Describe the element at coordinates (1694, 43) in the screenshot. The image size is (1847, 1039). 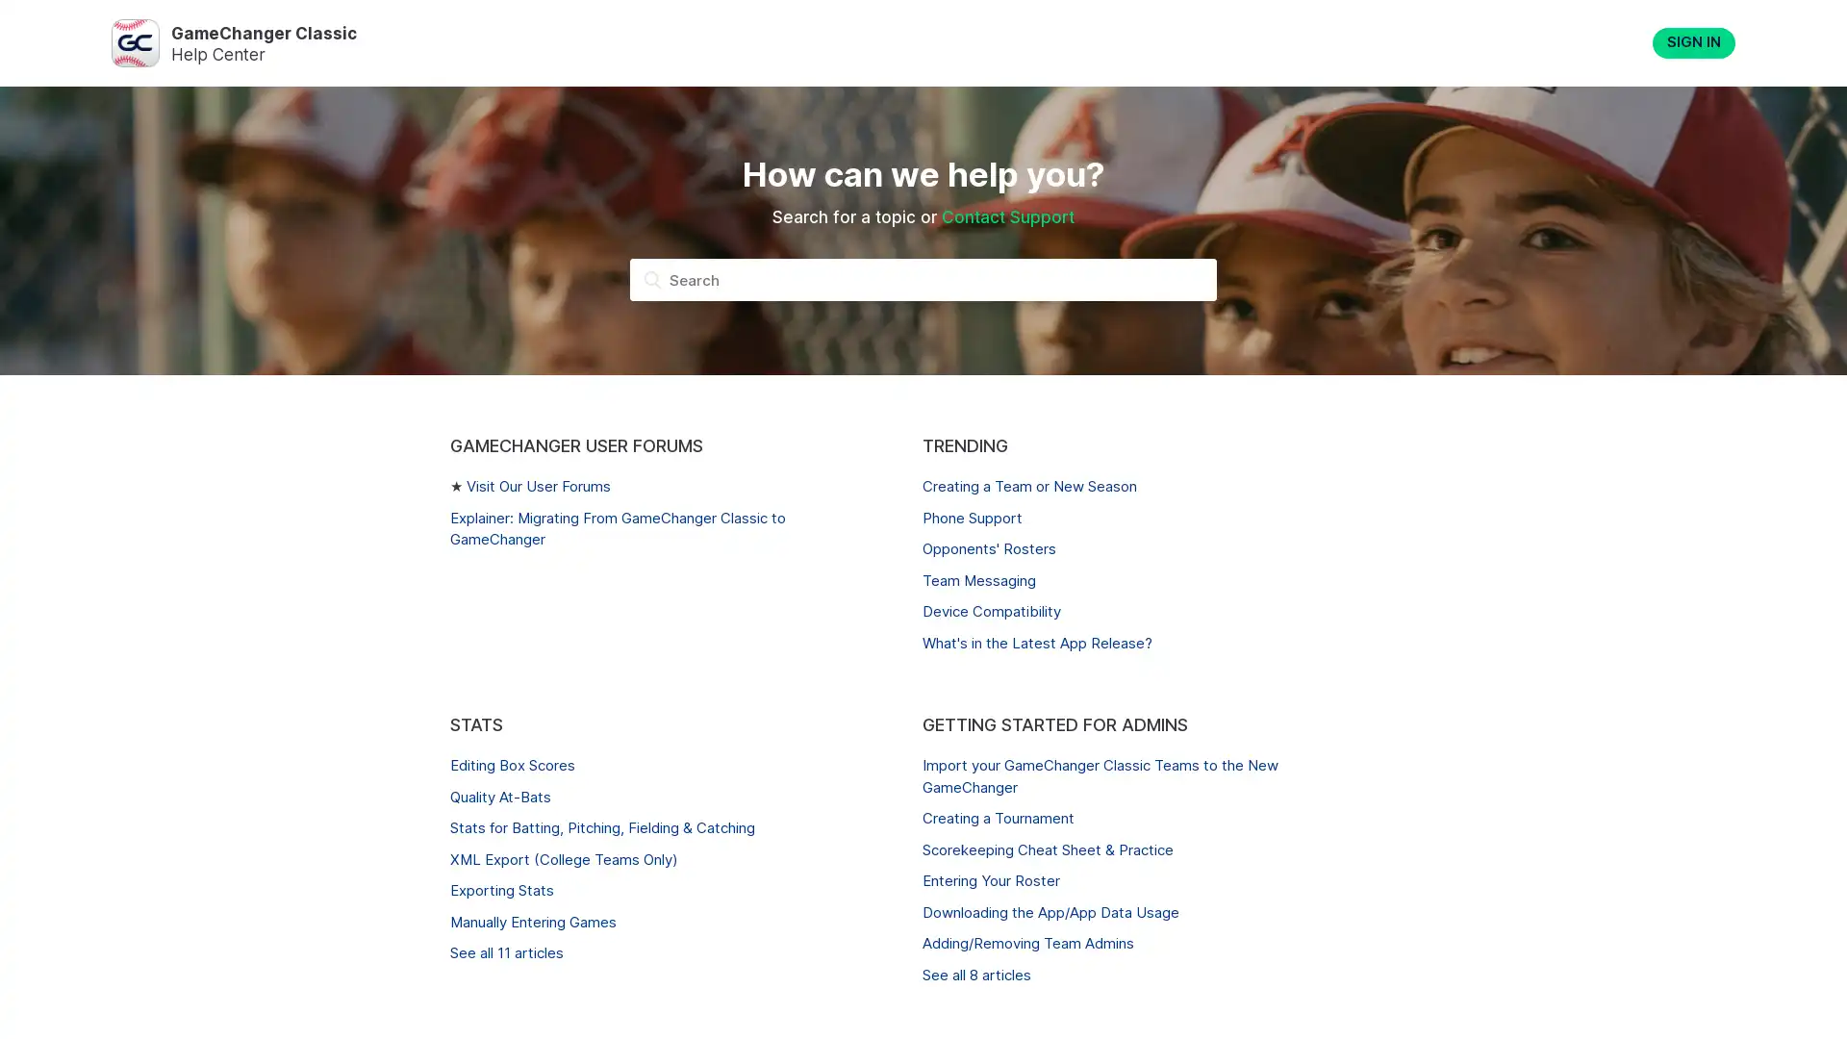
I see `SIGN IN` at that location.